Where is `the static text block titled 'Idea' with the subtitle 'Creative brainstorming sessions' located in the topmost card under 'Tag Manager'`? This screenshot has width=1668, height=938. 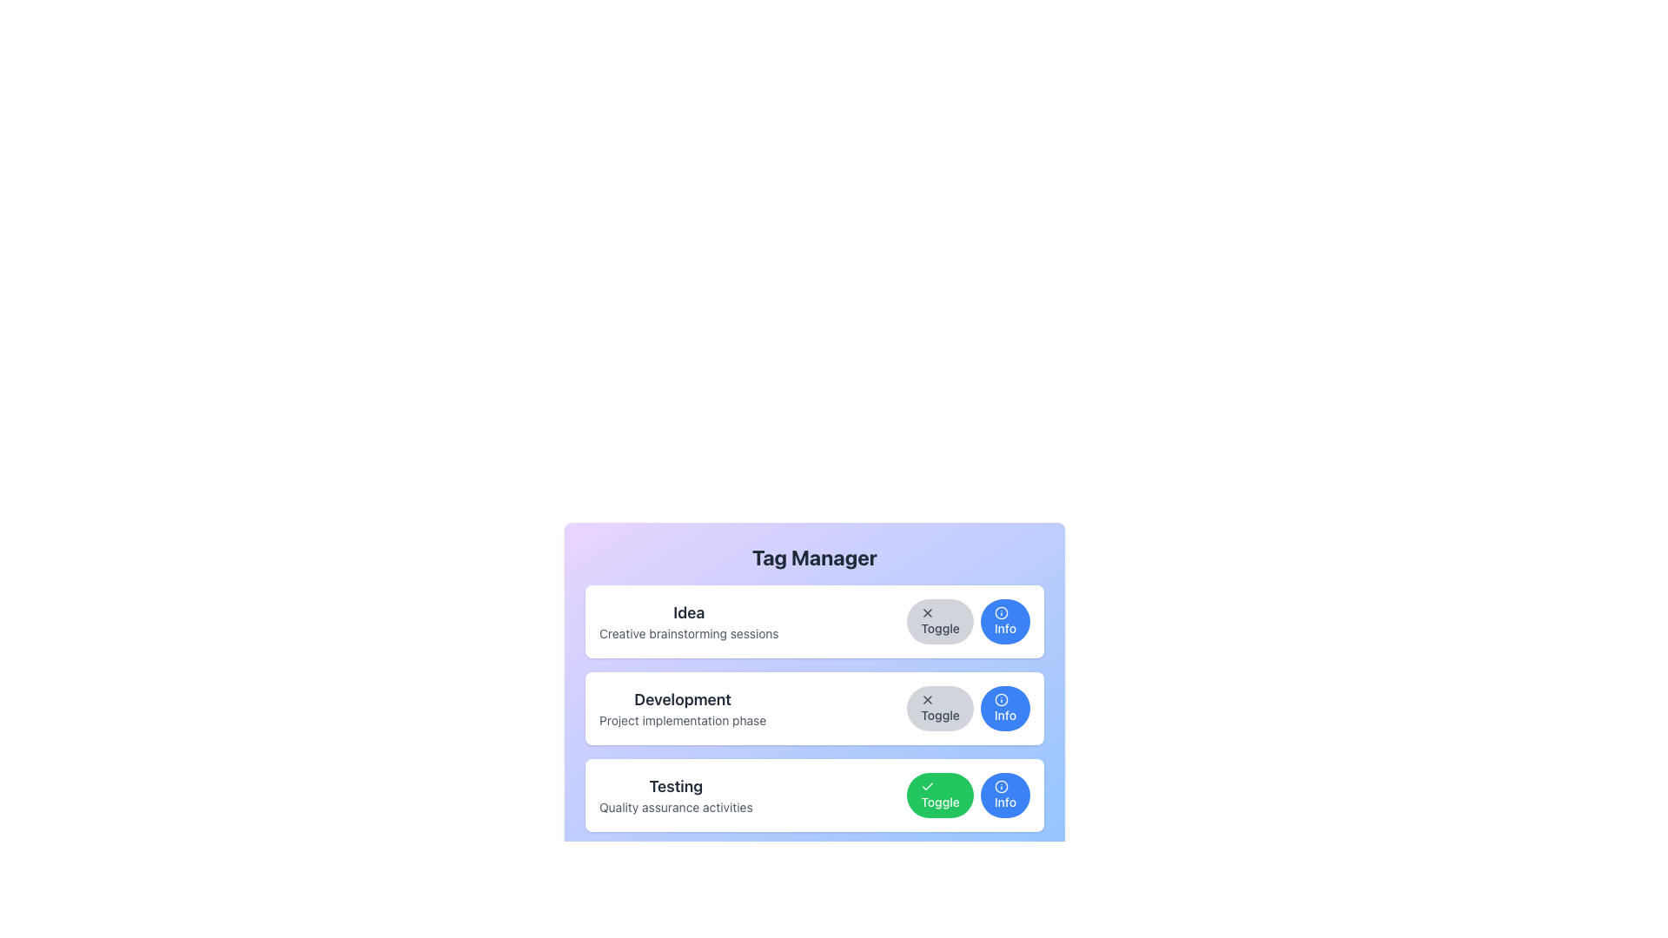
the static text block titled 'Idea' with the subtitle 'Creative brainstorming sessions' located in the topmost card under 'Tag Manager' is located at coordinates (688, 621).